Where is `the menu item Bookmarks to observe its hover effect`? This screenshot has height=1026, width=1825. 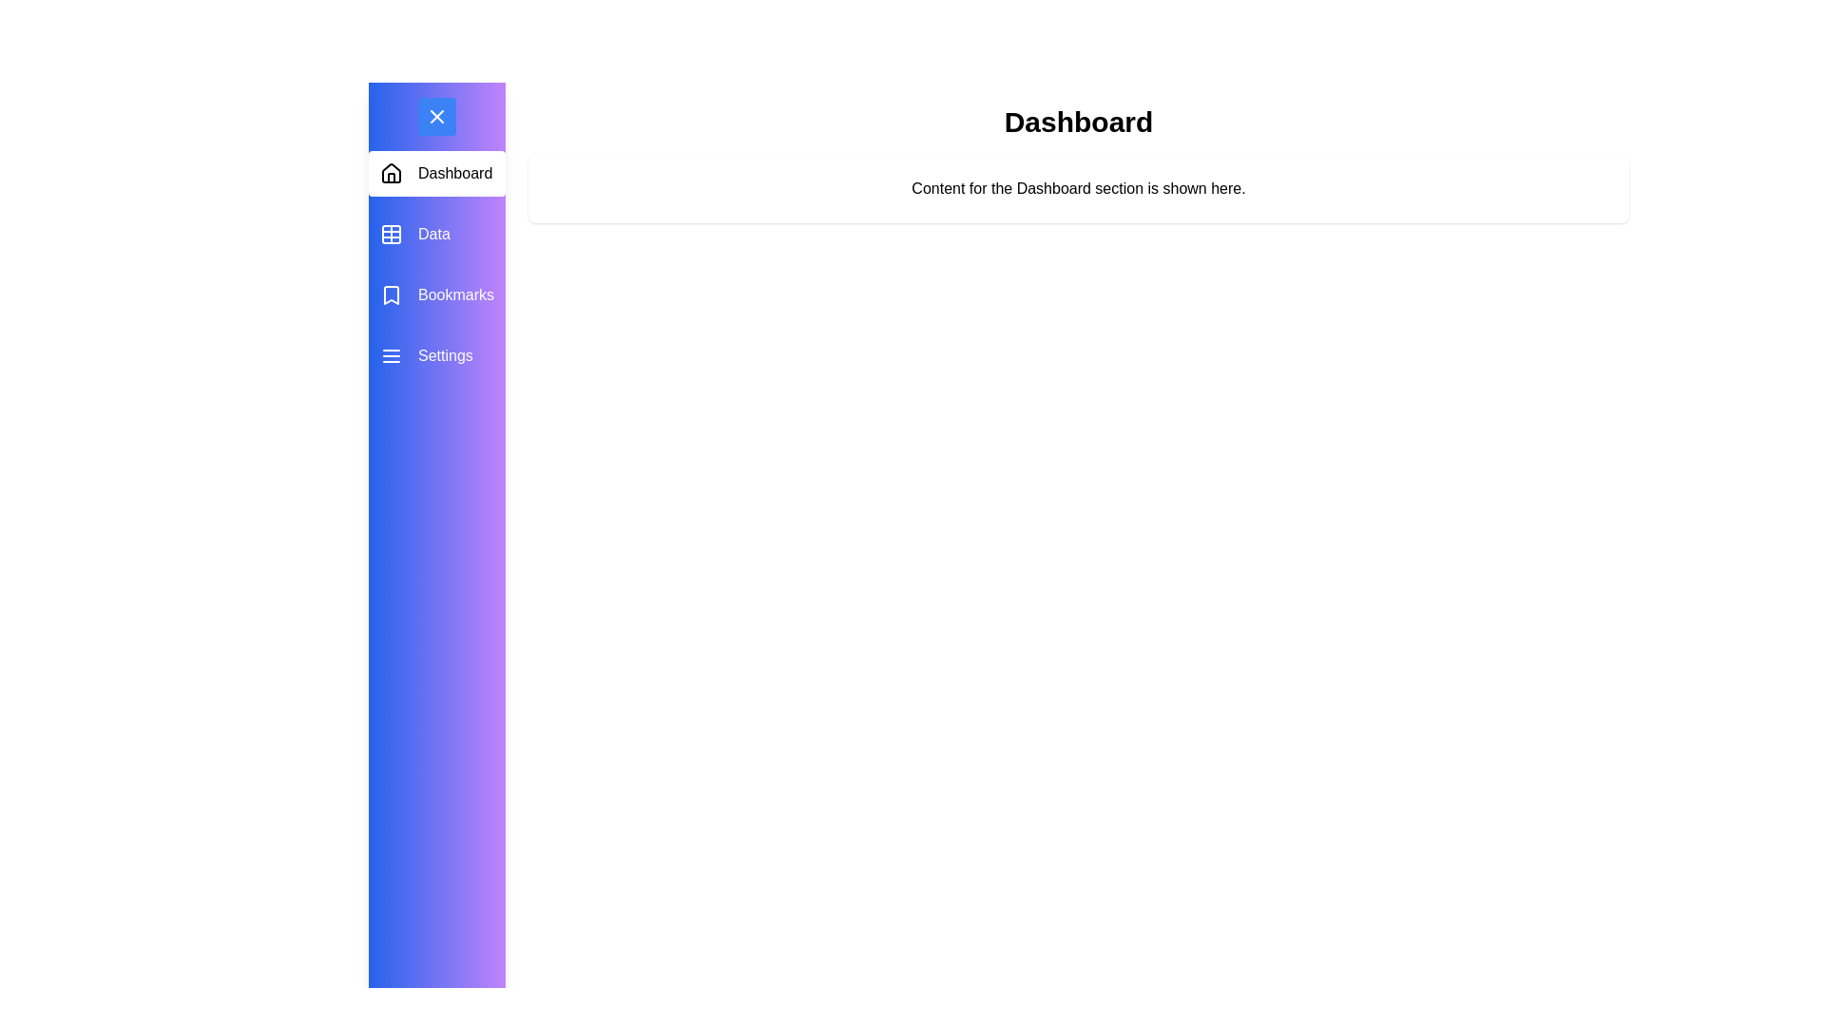 the menu item Bookmarks to observe its hover effect is located at coordinates (436, 295).